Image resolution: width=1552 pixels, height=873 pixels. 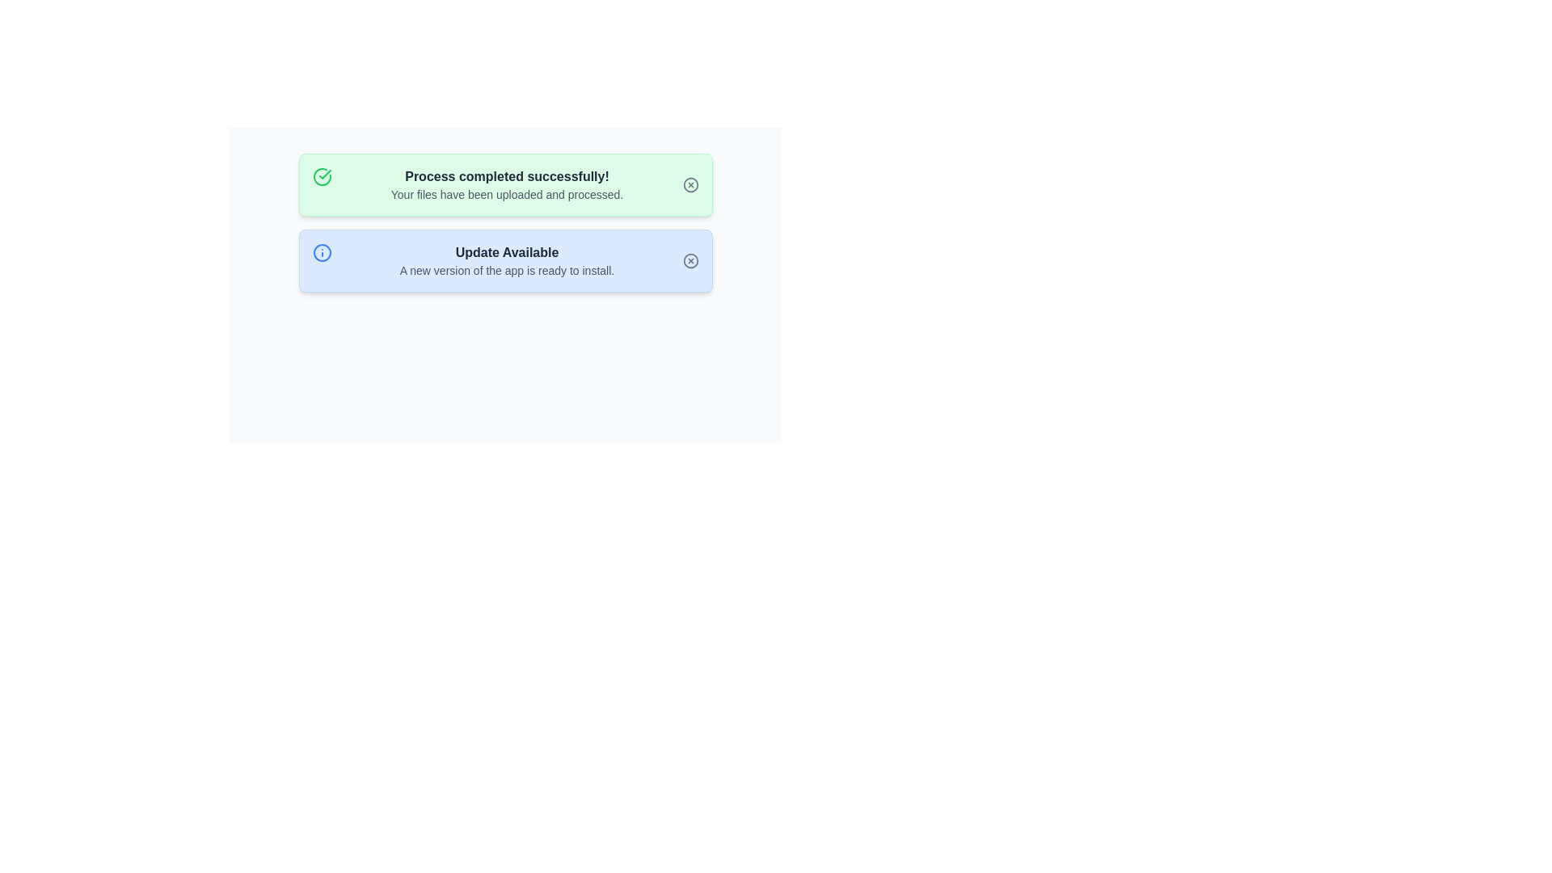 What do you see at coordinates (322, 252) in the screenshot?
I see `the information icon located in the notification box with the heading 'Update Available', positioned to the left of the text` at bounding box center [322, 252].